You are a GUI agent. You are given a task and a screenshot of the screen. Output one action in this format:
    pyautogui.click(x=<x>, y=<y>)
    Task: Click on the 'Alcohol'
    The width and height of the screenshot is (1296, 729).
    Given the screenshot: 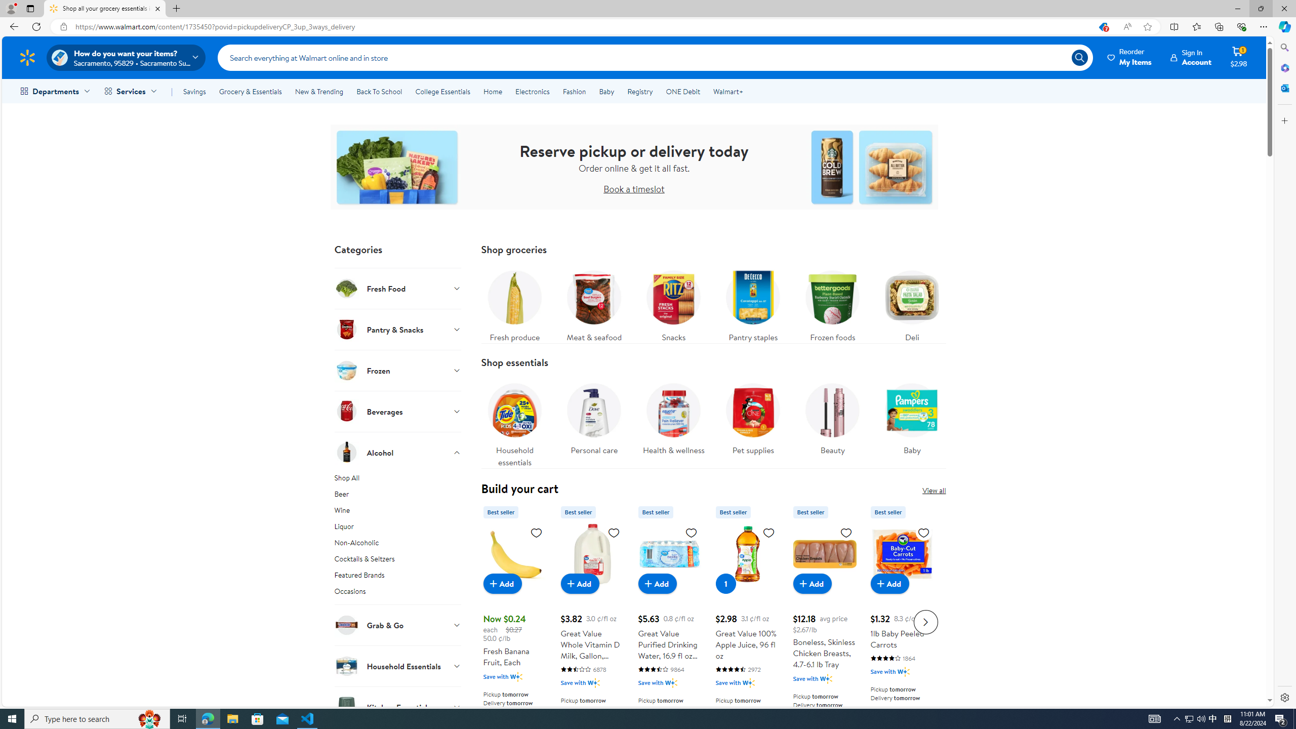 What is the action you would take?
    pyautogui.click(x=397, y=452)
    